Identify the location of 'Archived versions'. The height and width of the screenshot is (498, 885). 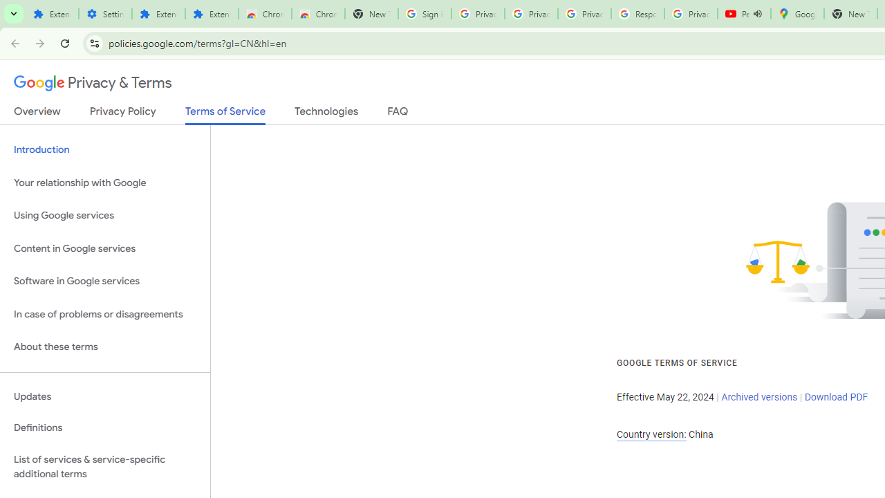
(758, 397).